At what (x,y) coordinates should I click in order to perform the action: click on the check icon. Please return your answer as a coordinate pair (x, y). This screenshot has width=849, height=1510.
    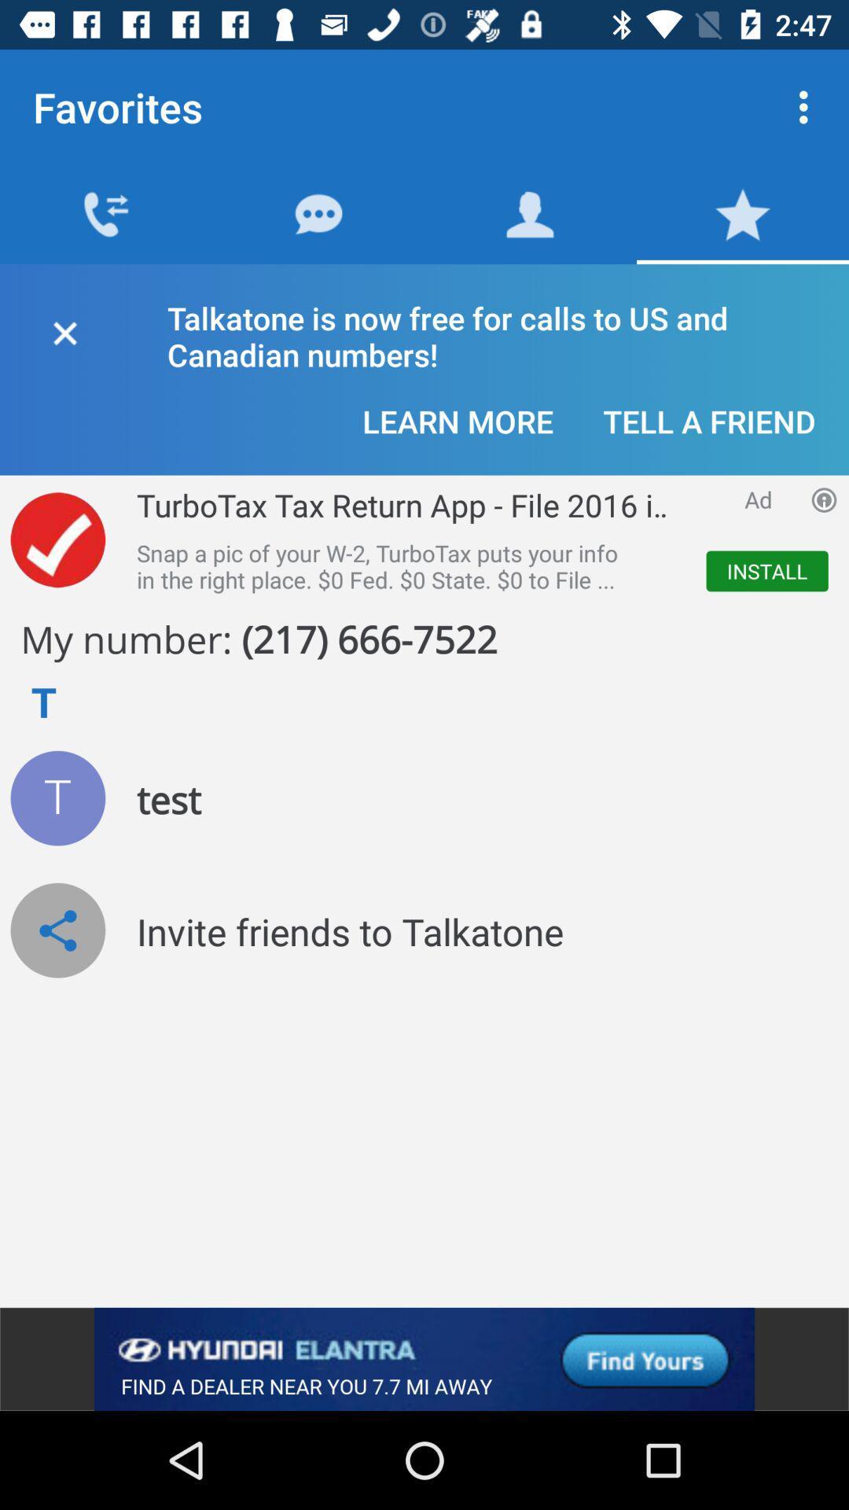
    Looking at the image, I should click on (57, 540).